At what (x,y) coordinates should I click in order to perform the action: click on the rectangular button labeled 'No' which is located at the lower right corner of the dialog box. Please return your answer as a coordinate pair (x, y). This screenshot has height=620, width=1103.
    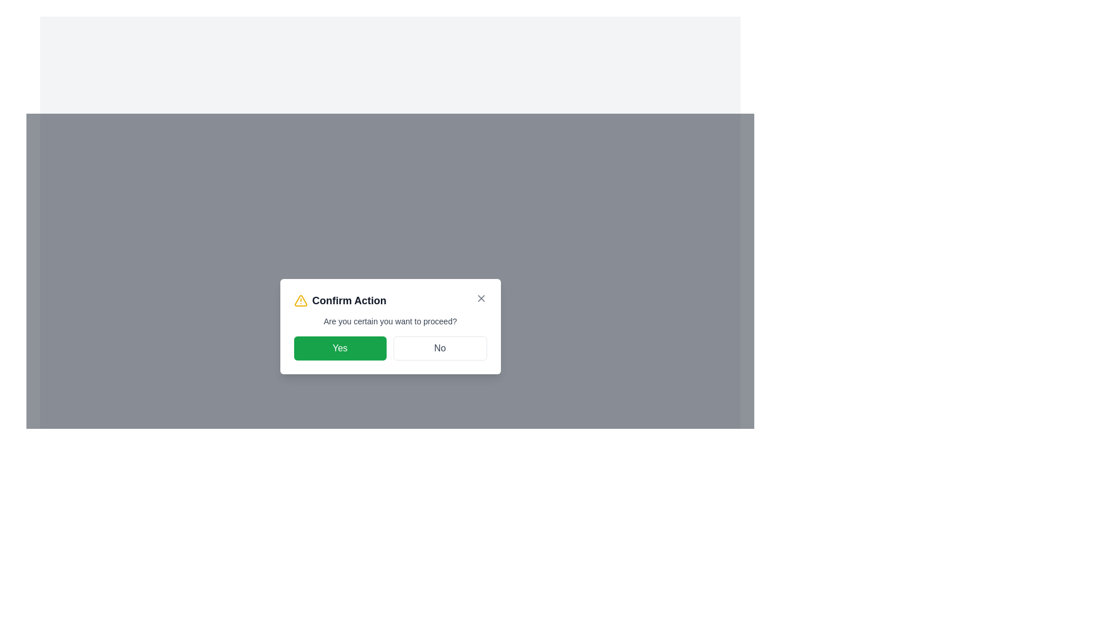
    Looking at the image, I should click on (439, 347).